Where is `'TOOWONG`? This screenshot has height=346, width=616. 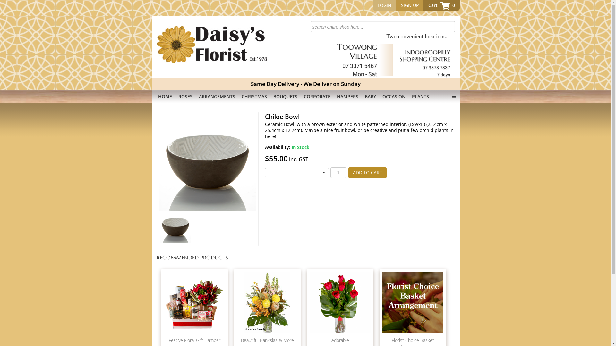 'TOOWONG is located at coordinates (356, 60).